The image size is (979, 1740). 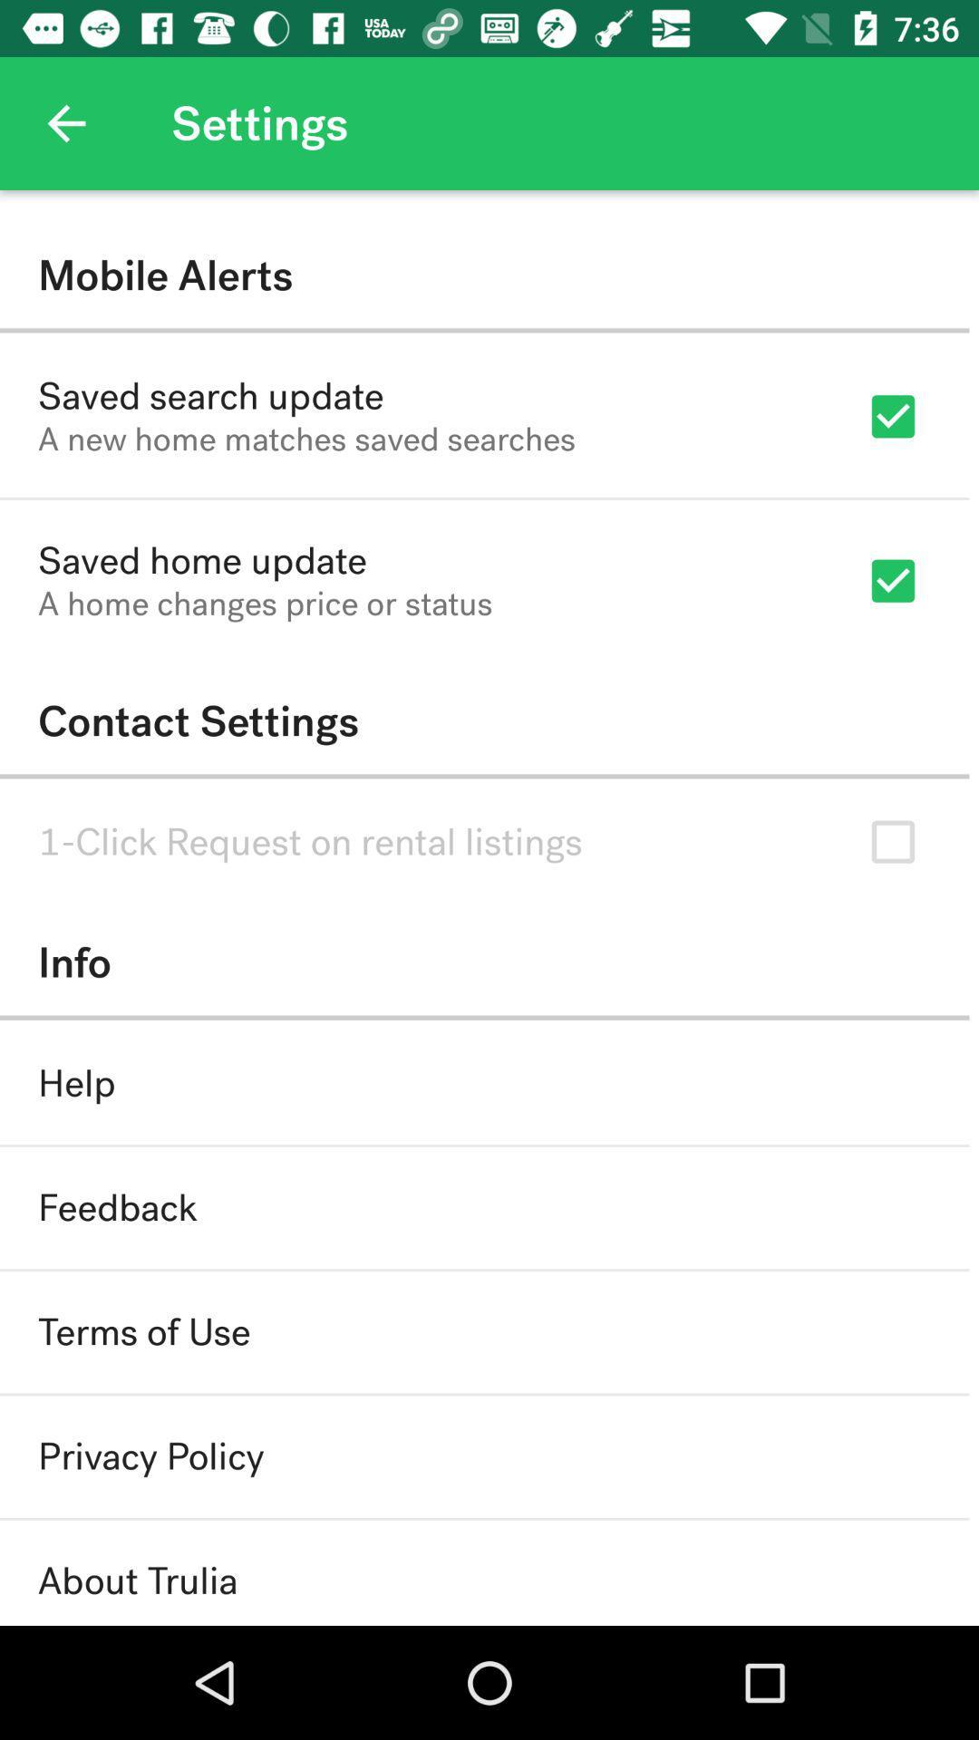 I want to click on icon below the feedback, so click(x=143, y=1332).